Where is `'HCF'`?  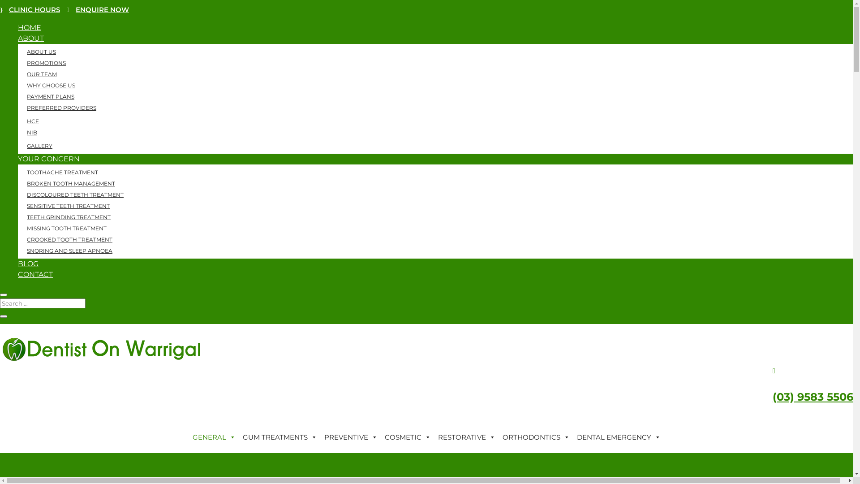
'HCF' is located at coordinates (17, 121).